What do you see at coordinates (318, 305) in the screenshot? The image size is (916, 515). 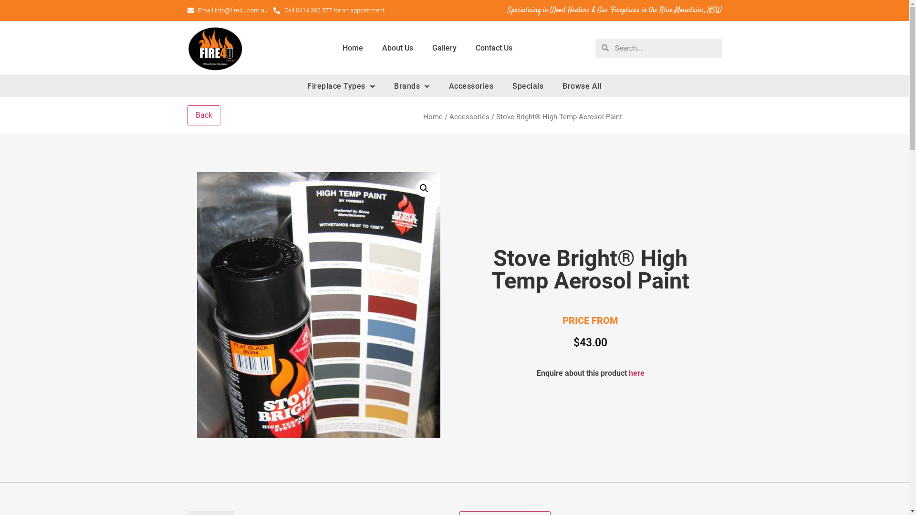 I see `'Hi Temp paint'` at bounding box center [318, 305].